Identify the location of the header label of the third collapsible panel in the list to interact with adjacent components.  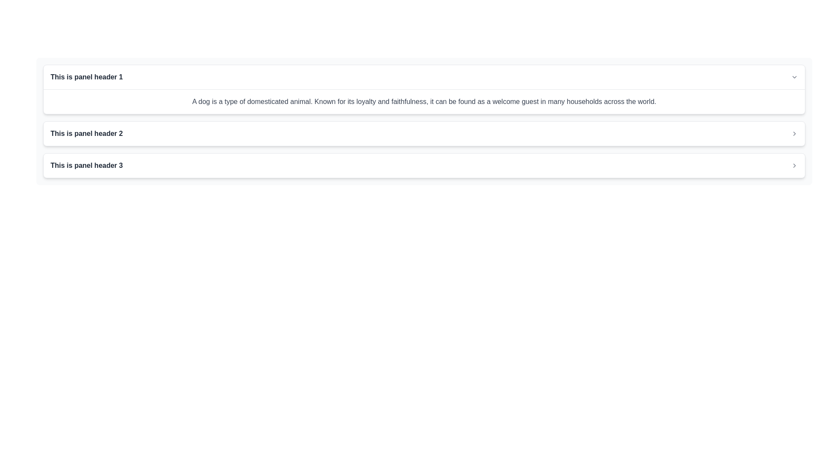
(86, 166).